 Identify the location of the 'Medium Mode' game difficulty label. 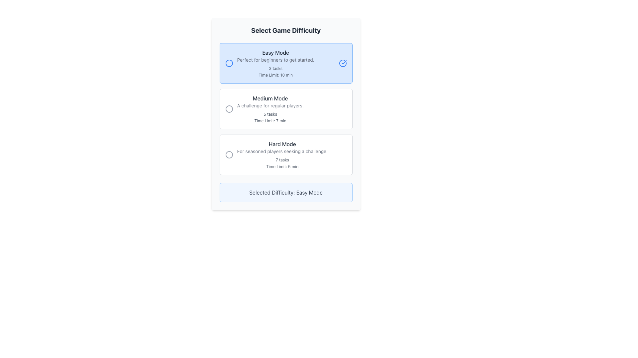
(270, 98).